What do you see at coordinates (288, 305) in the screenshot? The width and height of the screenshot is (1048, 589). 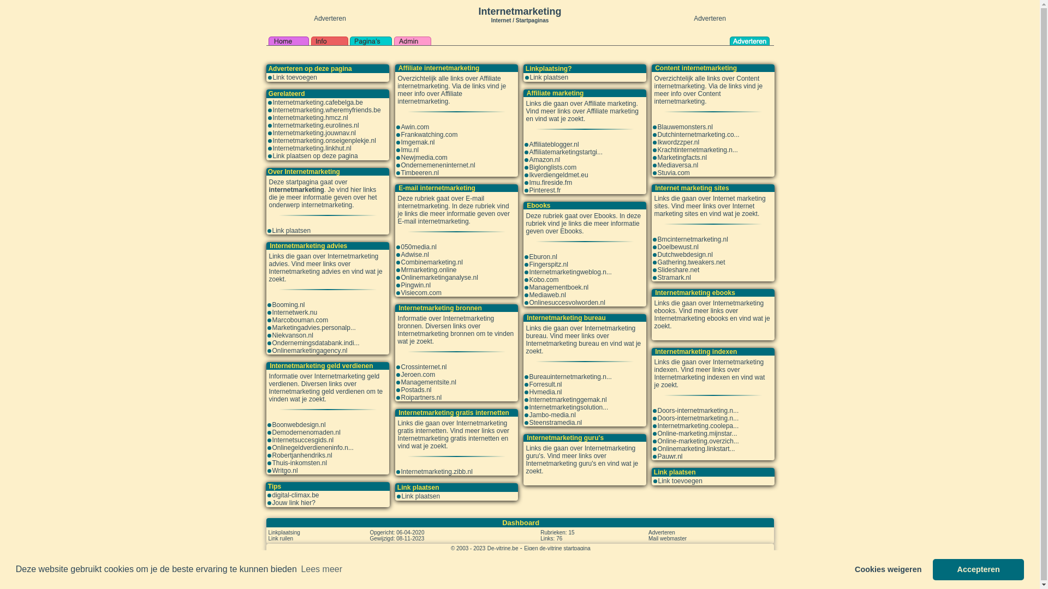 I see `'Booming.nl'` at bounding box center [288, 305].